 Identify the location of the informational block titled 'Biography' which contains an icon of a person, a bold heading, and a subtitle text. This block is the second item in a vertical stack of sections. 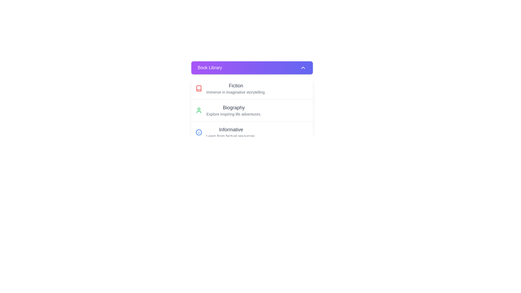
(252, 110).